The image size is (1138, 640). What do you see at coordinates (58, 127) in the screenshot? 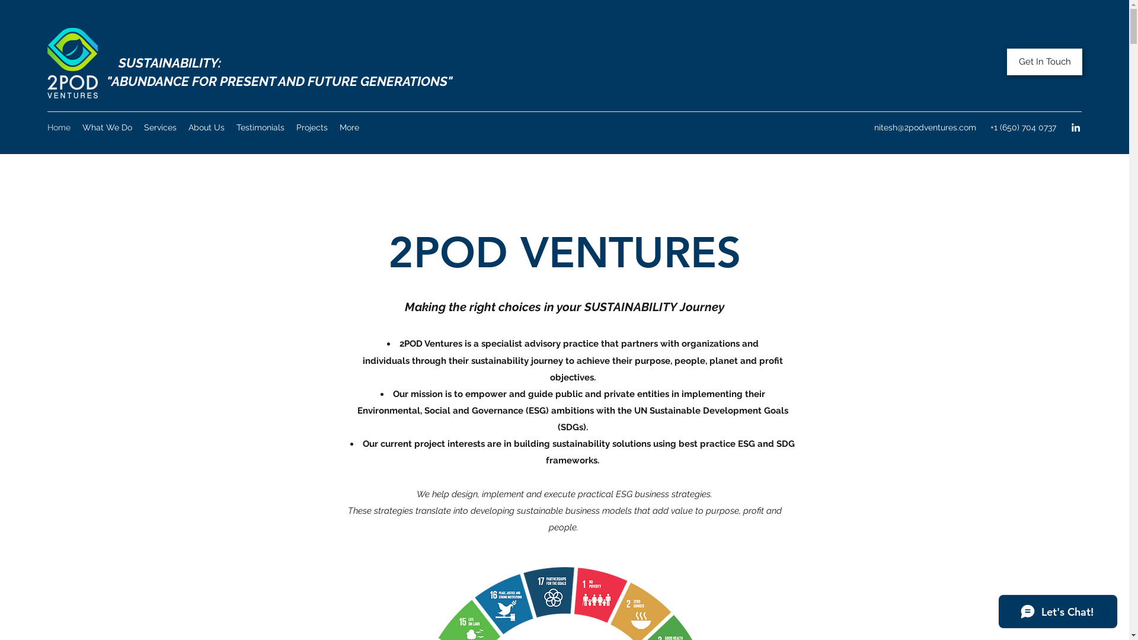
I see `'Home'` at bounding box center [58, 127].